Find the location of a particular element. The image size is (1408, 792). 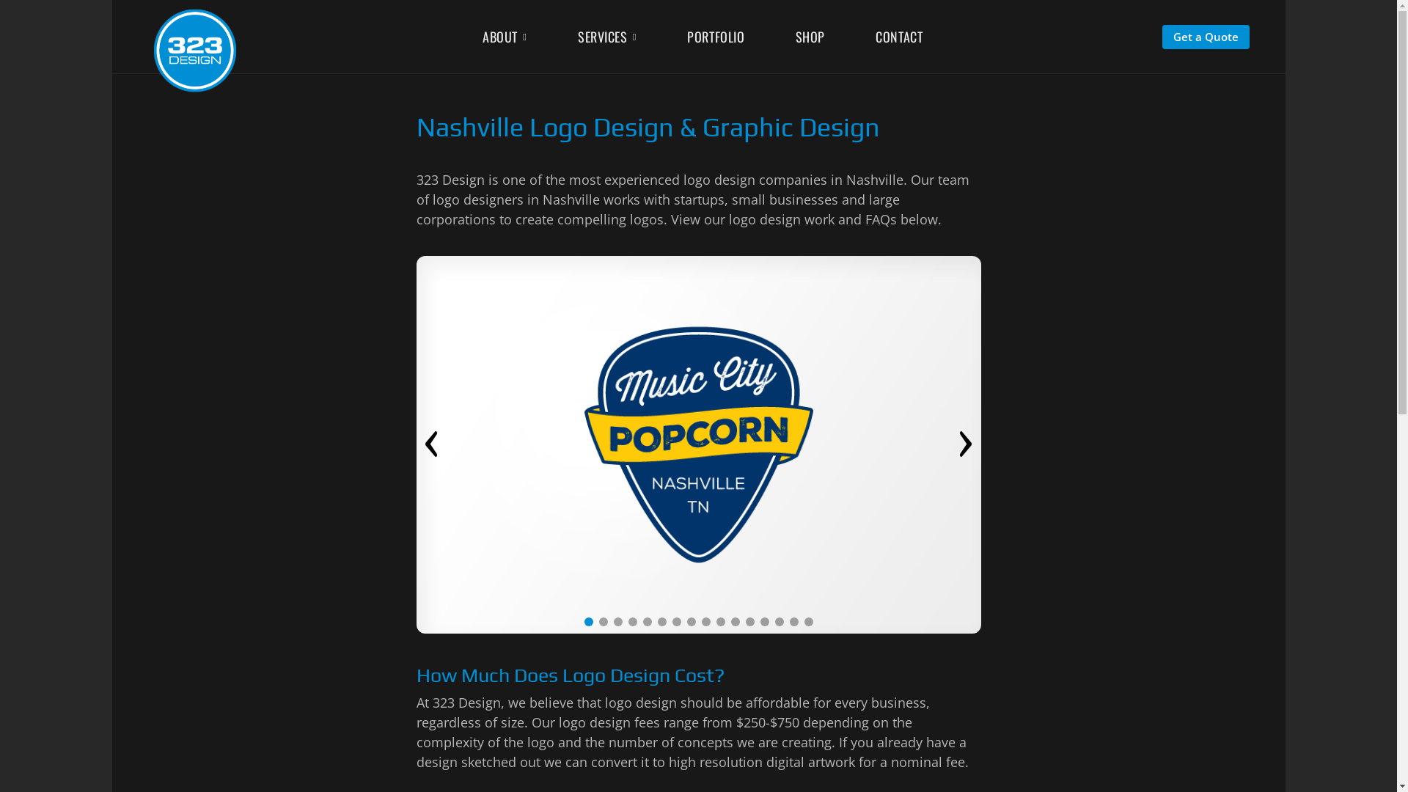

'10' is located at coordinates (720, 622).